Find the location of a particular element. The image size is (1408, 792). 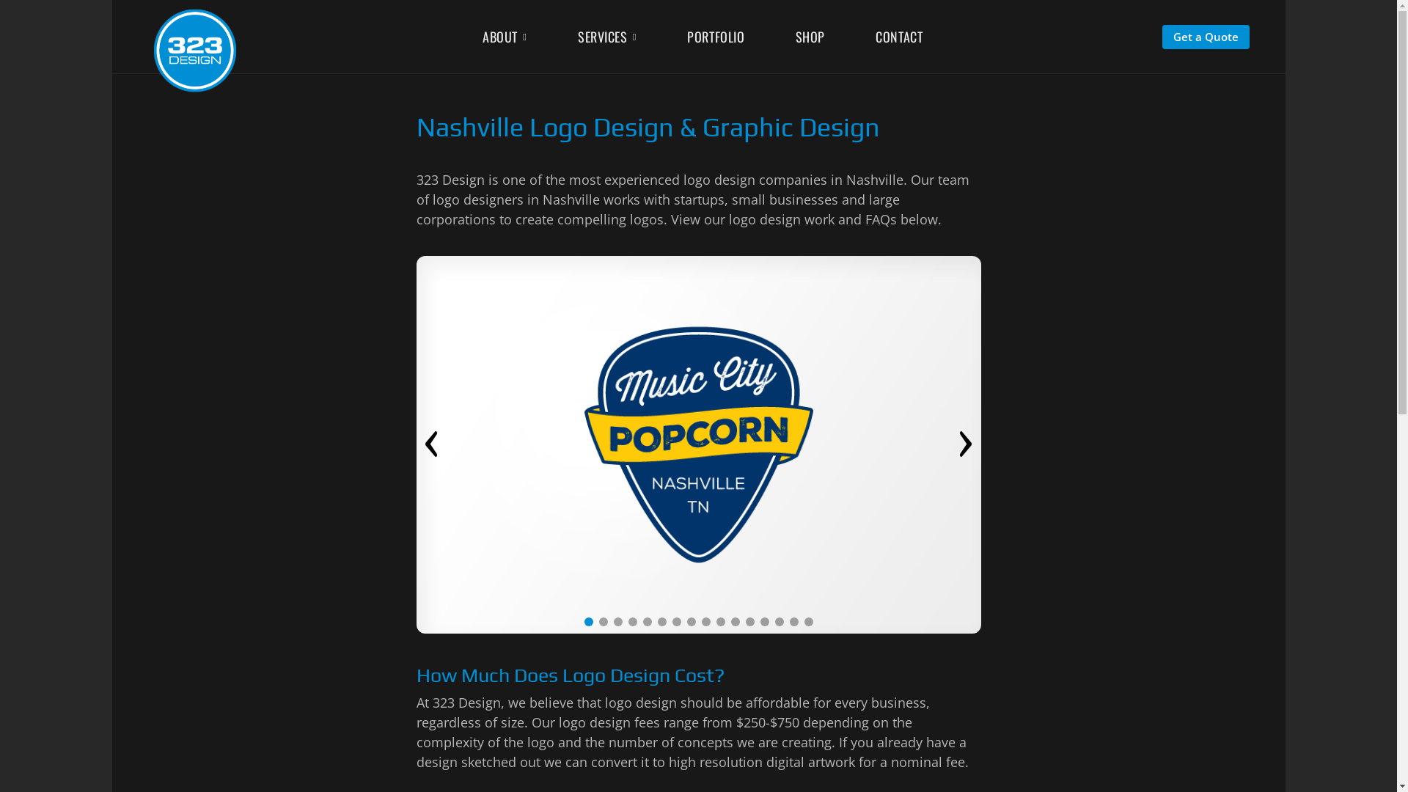

'10' is located at coordinates (720, 622).